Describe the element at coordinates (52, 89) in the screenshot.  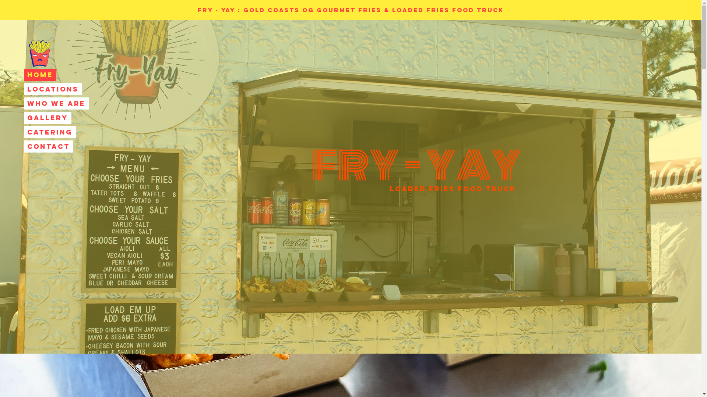
I see `'Locations'` at that location.